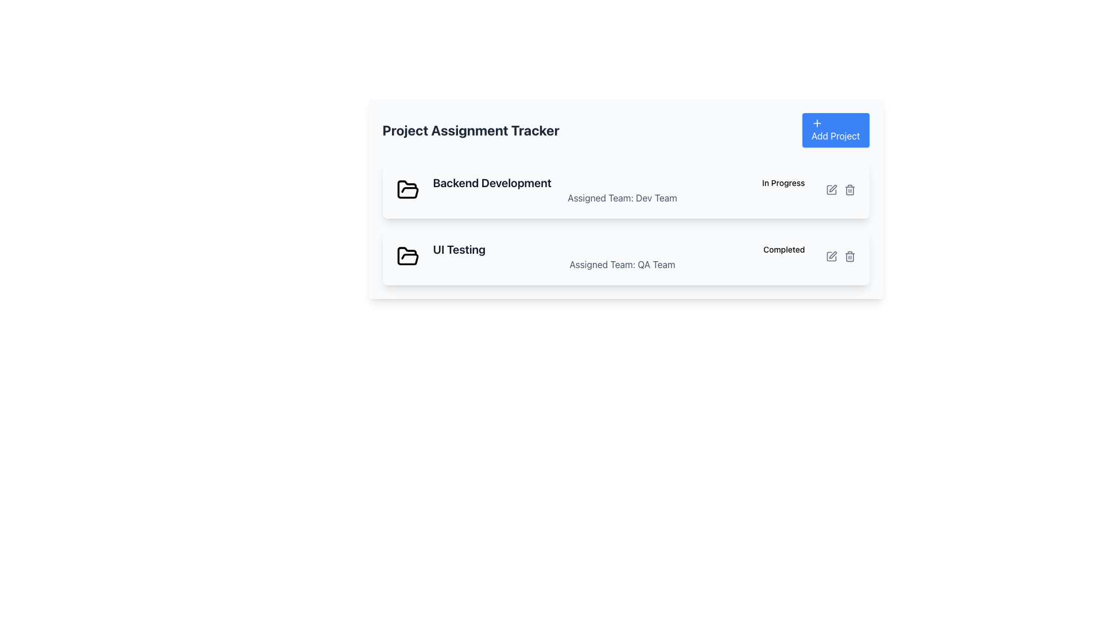 The width and height of the screenshot is (1102, 620). What do you see at coordinates (840, 189) in the screenshot?
I see `the Icon Button used for editing entries related to the 'Backend Development' project, located to the right of the 'In Progress' status label` at bounding box center [840, 189].